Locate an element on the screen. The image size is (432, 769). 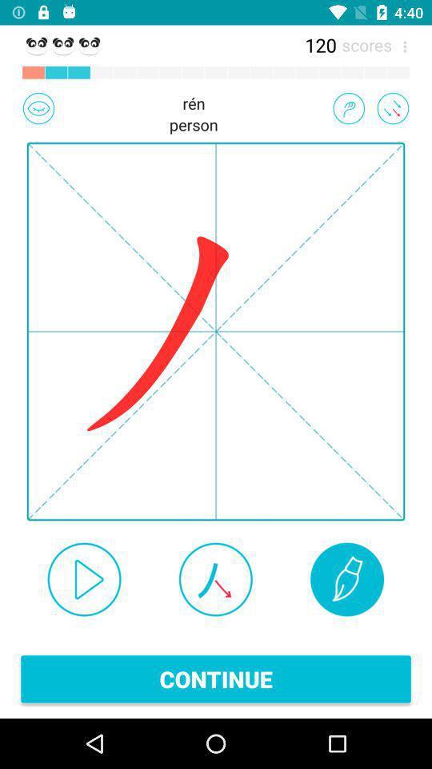
the third box which is above ren person is located at coordinates (78, 73).